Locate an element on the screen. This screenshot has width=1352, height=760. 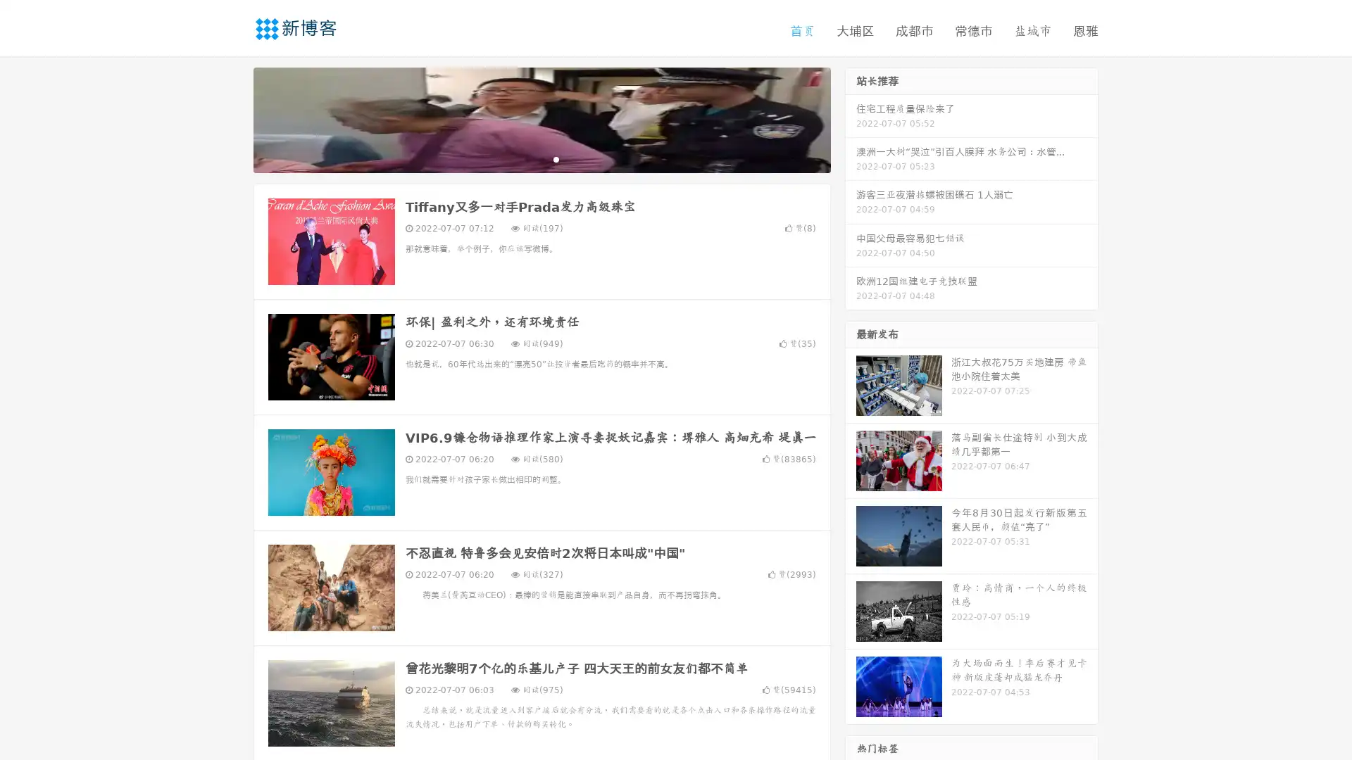
Go to slide 3 is located at coordinates (556, 158).